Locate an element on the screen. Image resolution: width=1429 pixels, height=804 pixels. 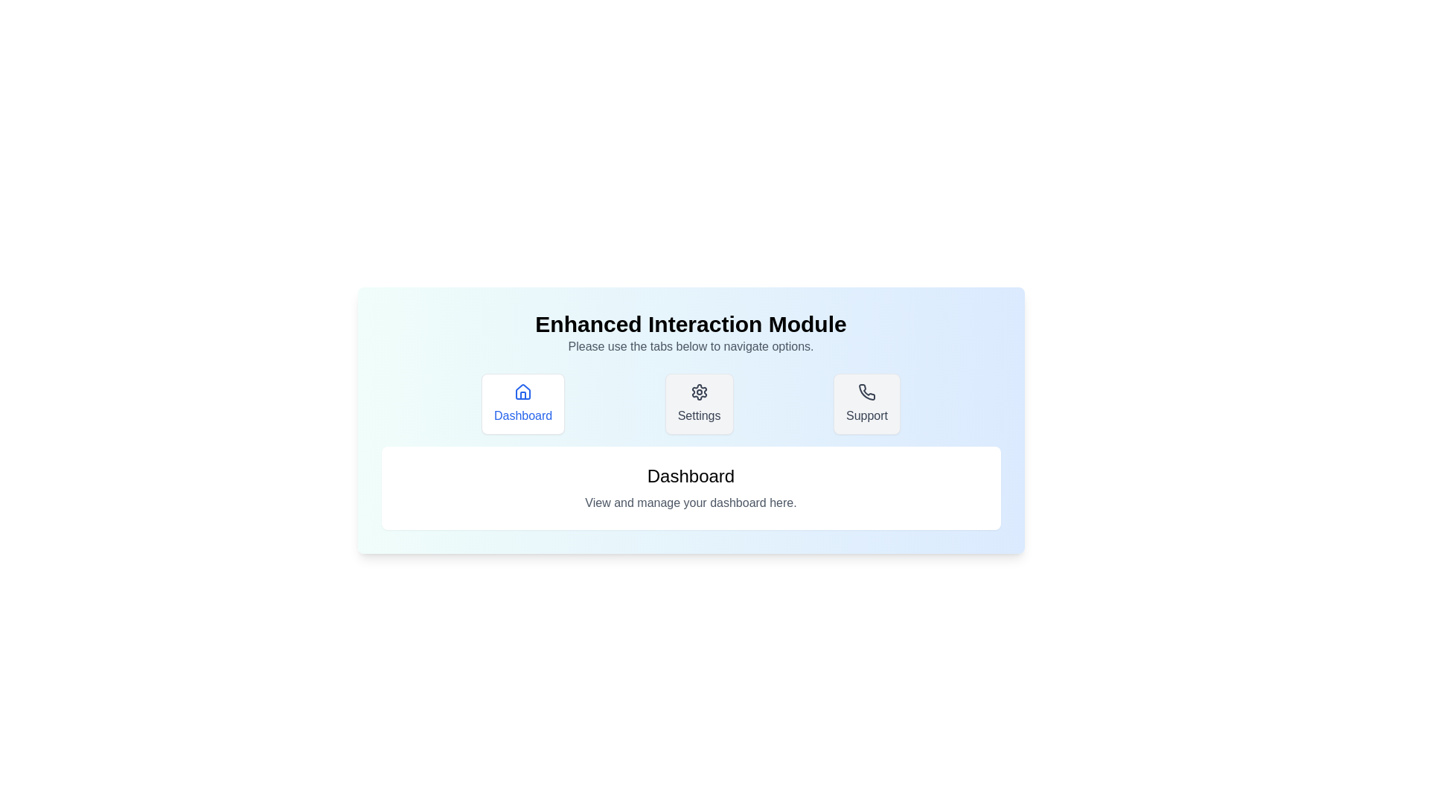
the tab with label Dashboard to observe its icon and visual effect is located at coordinates (523, 404).